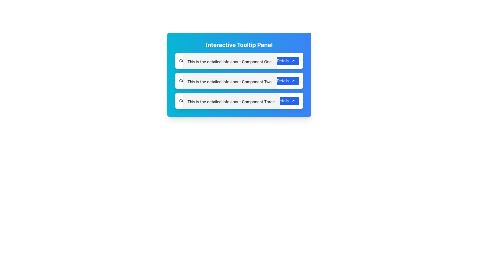 Image resolution: width=480 pixels, height=270 pixels. Describe the element at coordinates (230, 61) in the screenshot. I see `the Text Description Box displaying 'This is the detailed info about Component One.'` at that location.